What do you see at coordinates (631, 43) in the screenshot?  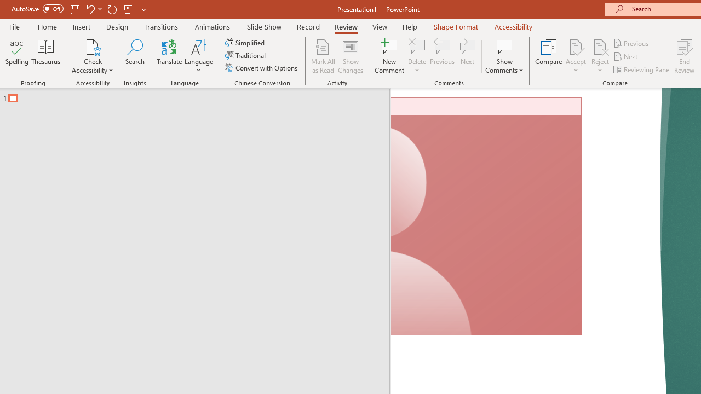 I see `'Previous'` at bounding box center [631, 43].